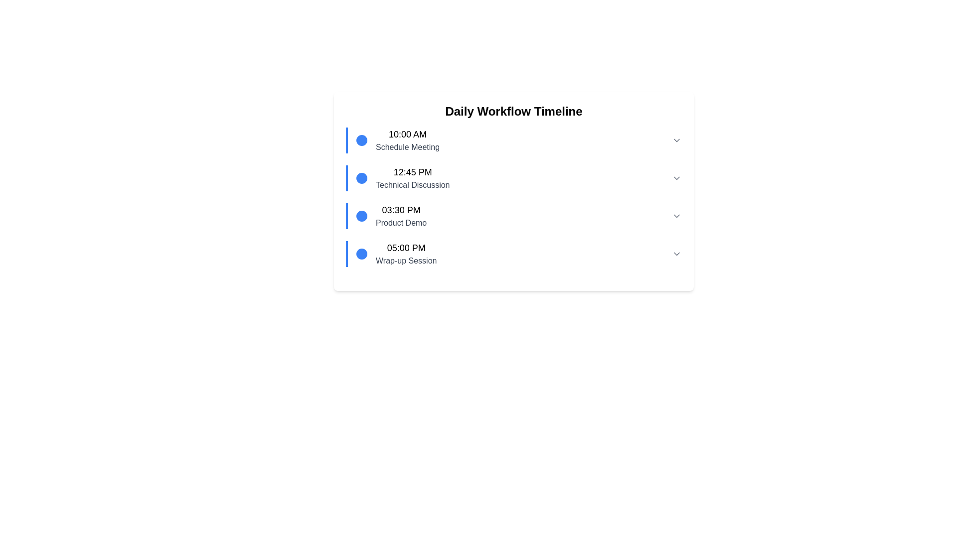  Describe the element at coordinates (413, 178) in the screenshot. I see `the second list item in the timeline interface, which displays '12:45 PM' and 'Technical Discussion'` at that location.